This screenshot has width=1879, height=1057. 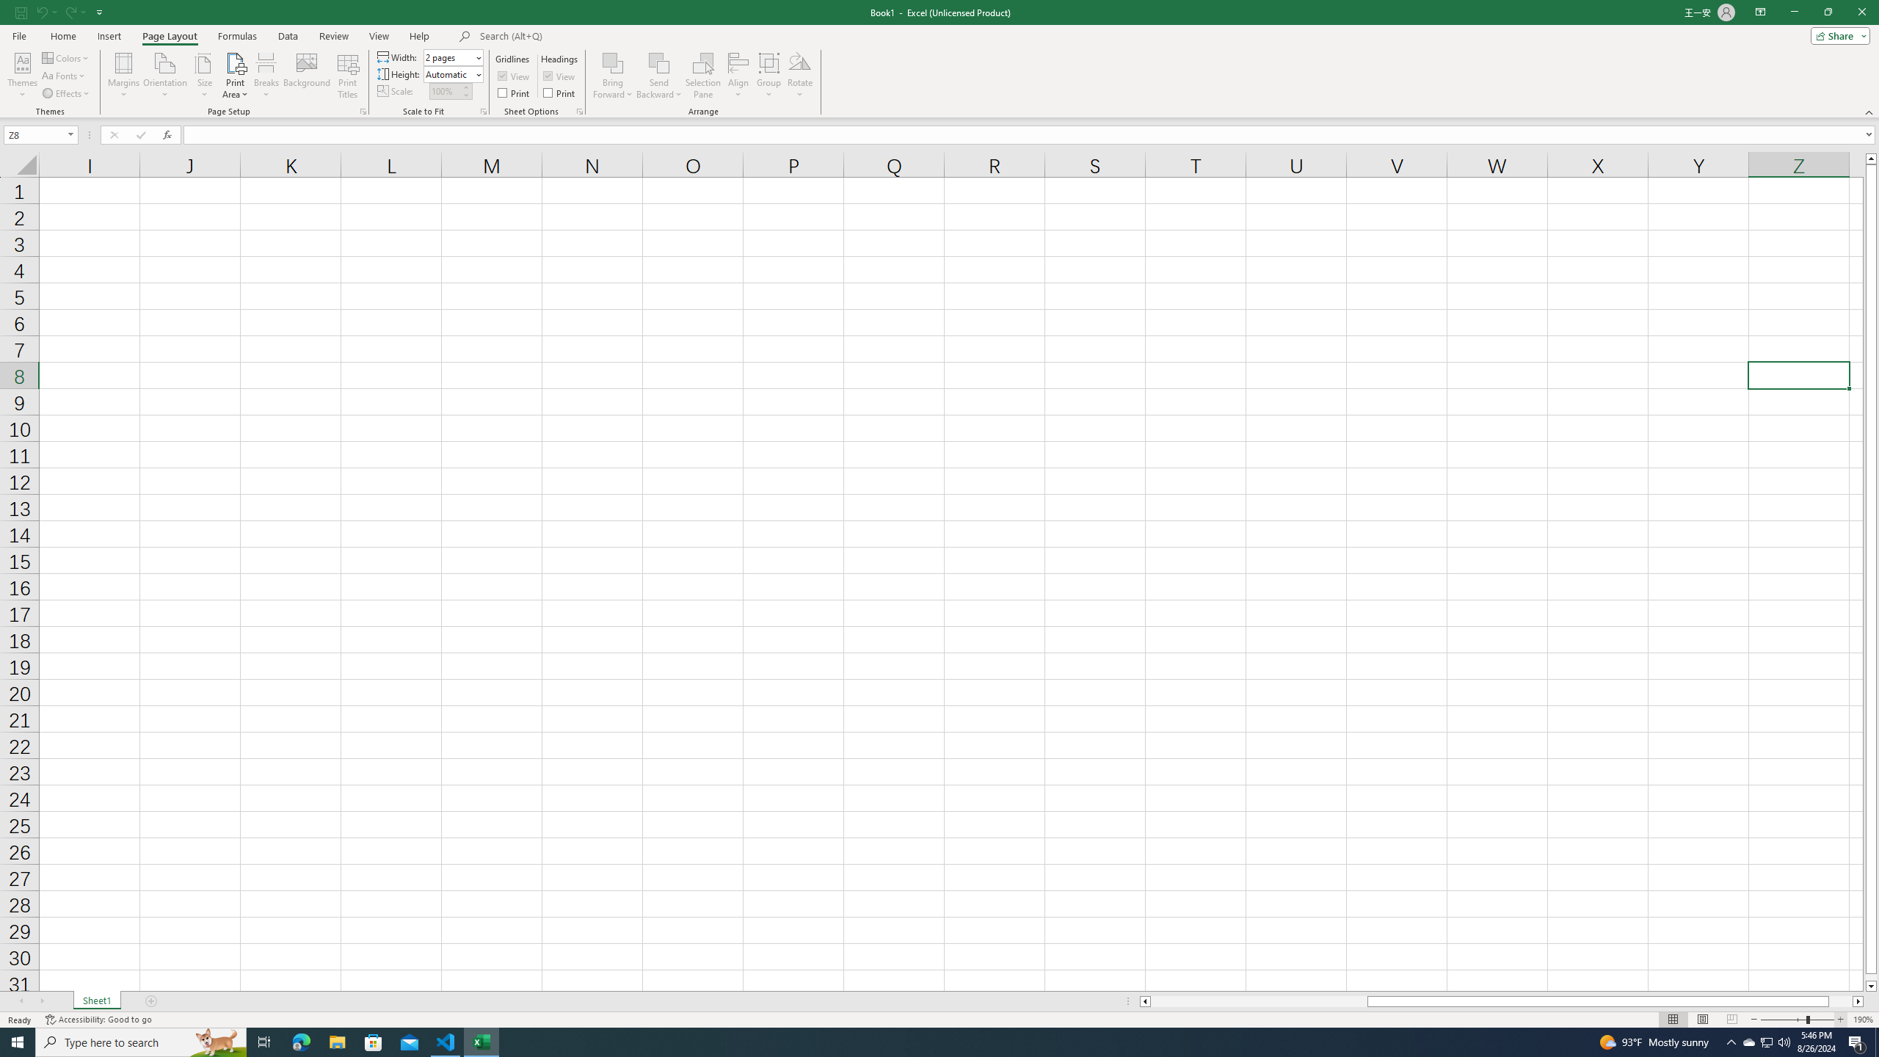 I want to click on 'Data', so click(x=287, y=36).